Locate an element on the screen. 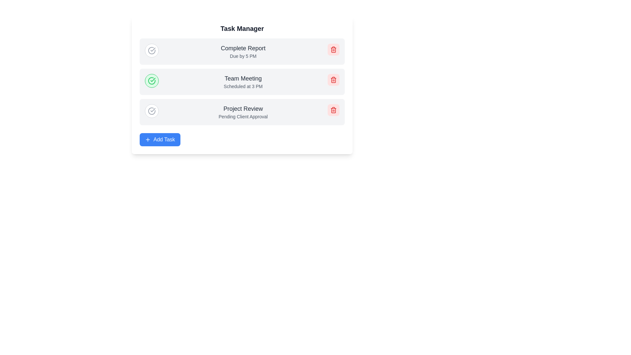  the red trash can button located on the right end of the task row labeled 'Complete Report' in the Task Manager section is located at coordinates (333, 49).